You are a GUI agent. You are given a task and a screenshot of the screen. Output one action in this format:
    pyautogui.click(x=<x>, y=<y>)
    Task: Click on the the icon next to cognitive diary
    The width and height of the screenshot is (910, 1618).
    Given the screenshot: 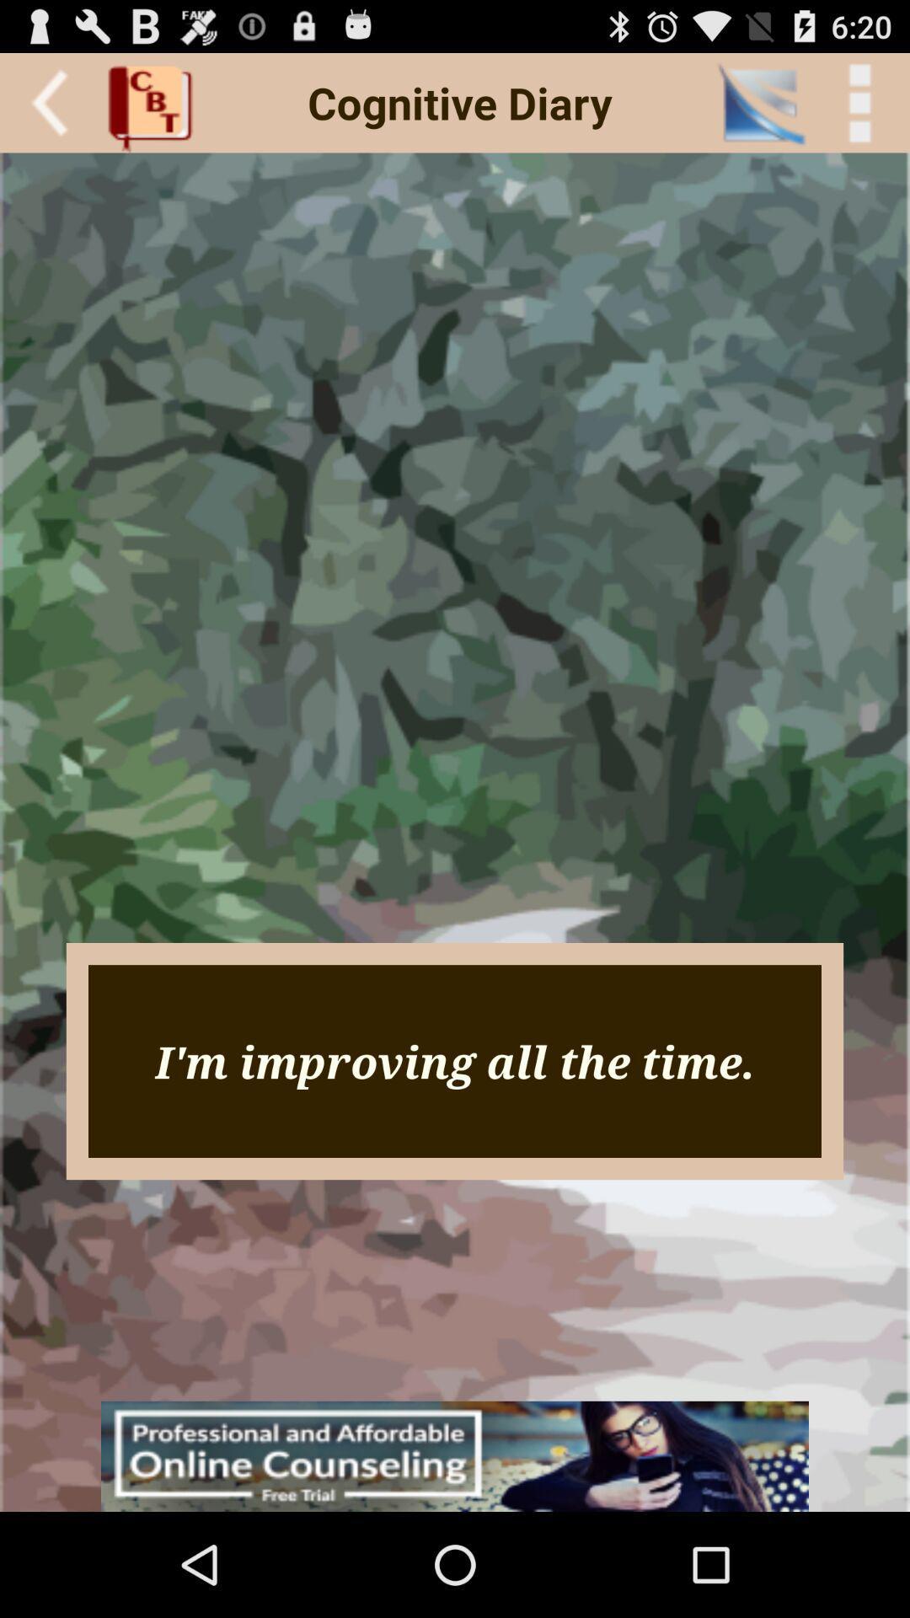 What is the action you would take?
    pyautogui.click(x=155, y=102)
    